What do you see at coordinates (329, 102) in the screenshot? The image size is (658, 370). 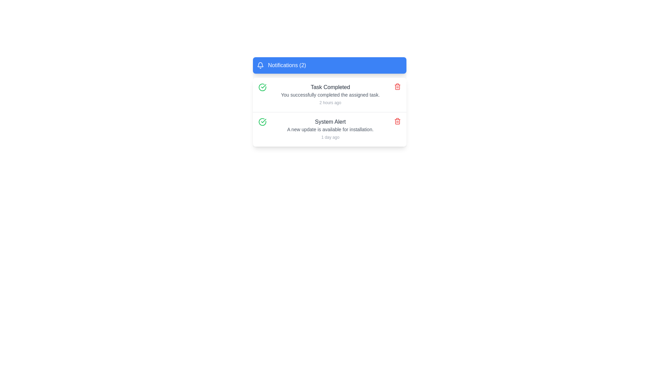 I see `contents of the Notification panel displaying 'Notifications (2)' with notifications 'Task Completed' and 'System Alert'` at bounding box center [329, 102].